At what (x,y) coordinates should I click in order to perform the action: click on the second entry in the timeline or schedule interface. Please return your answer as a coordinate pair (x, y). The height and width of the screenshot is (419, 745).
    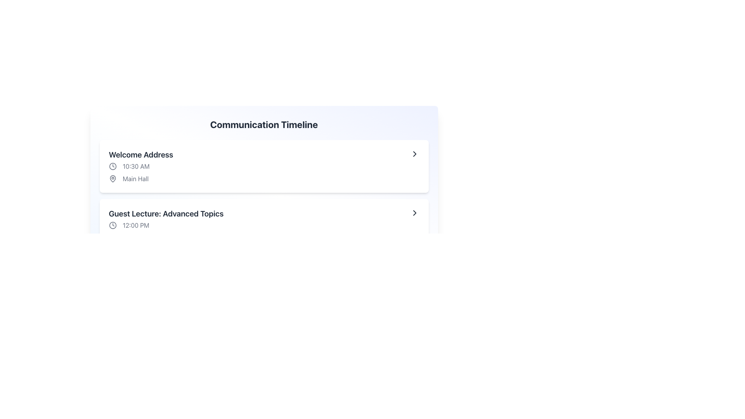
    Looking at the image, I should click on (264, 225).